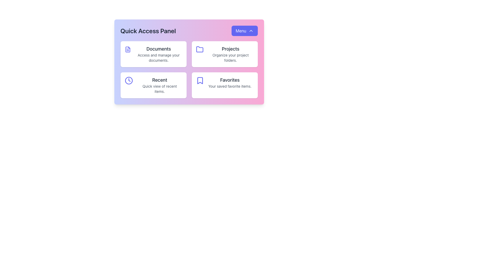 Image resolution: width=499 pixels, height=280 pixels. What do you see at coordinates (229, 85) in the screenshot?
I see `the 'Favorites' text description element located in the bottom-right card of the four-card grid, which provides information about saved items` at bounding box center [229, 85].